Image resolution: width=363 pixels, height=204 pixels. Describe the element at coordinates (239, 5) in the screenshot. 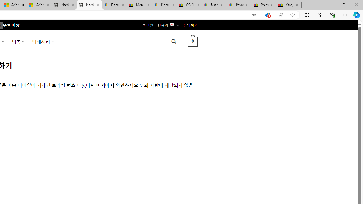

I see `'Payments Terms of Use | eBay.com'` at that location.